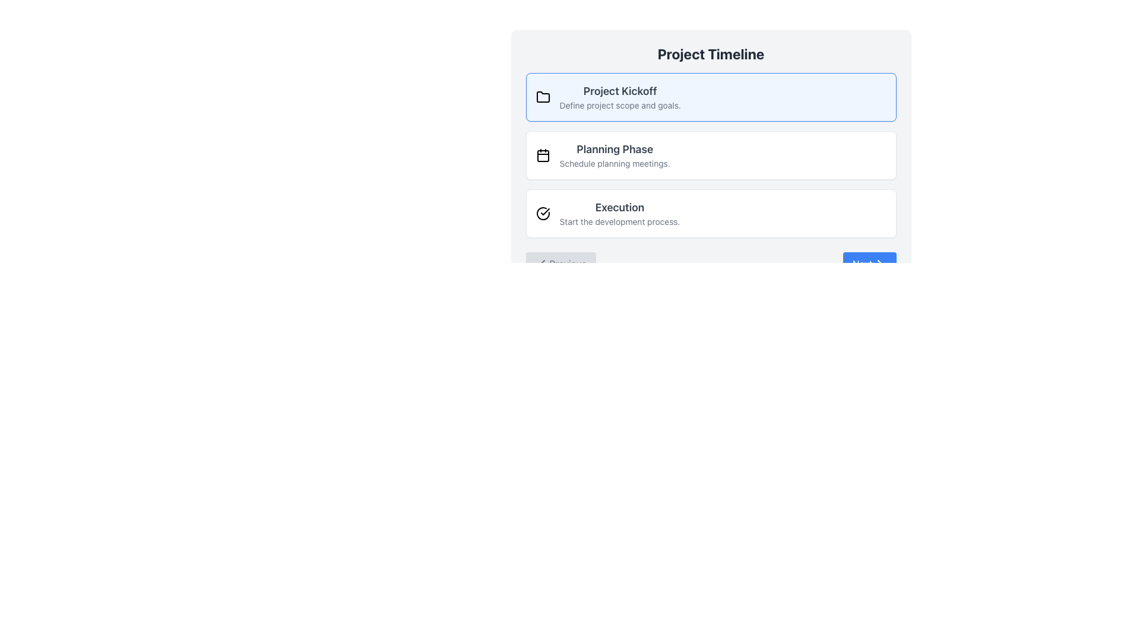 The width and height of the screenshot is (1140, 641). I want to click on bolded header text 'Execution' located in the content box representing a timeline step, positioned above the subheader 'Start the development process', so click(619, 207).